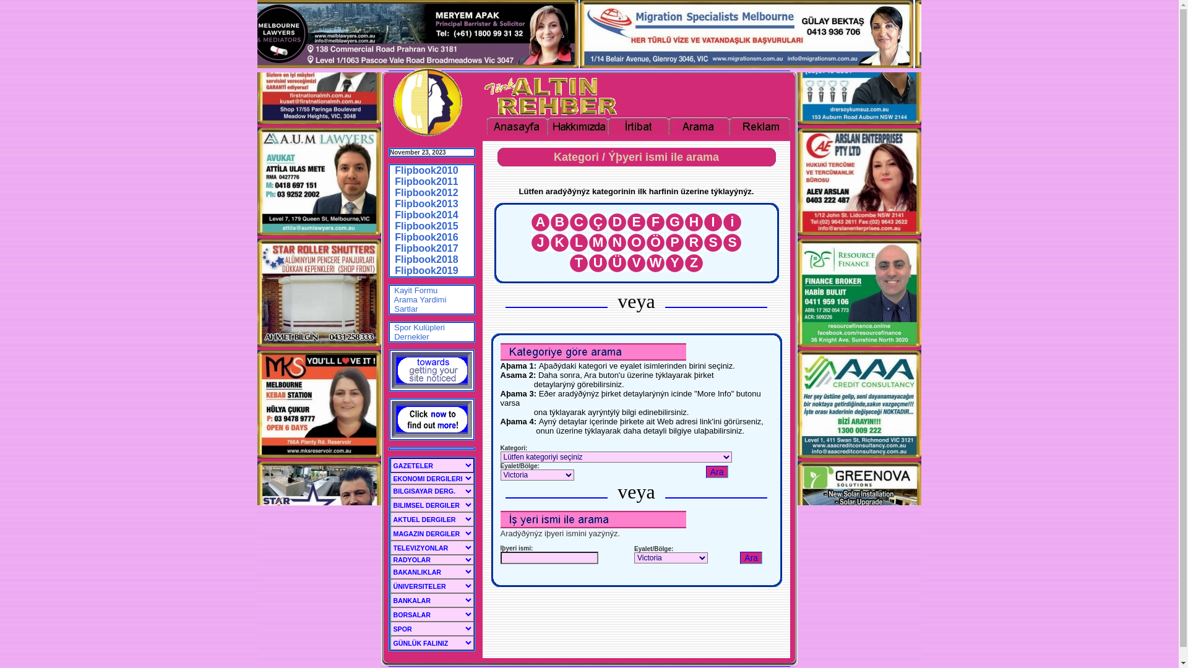  Describe the element at coordinates (694, 244) in the screenshot. I see `'R'` at that location.